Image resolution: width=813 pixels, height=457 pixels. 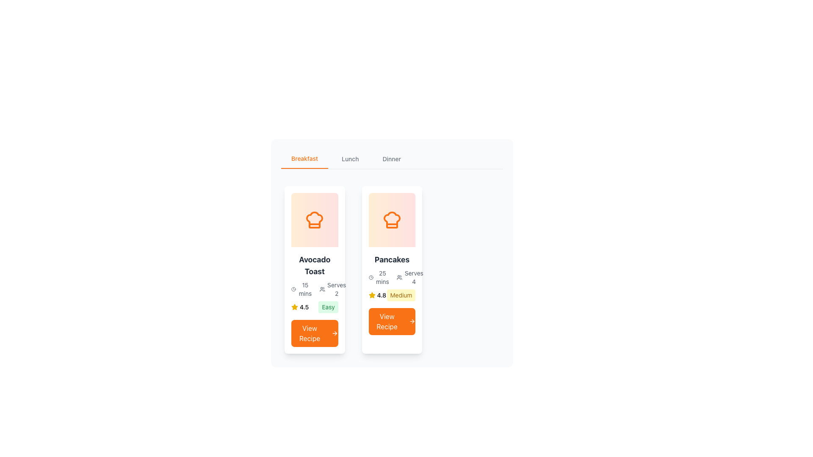 I want to click on the rating and difficulty information displayed for the recipe 'Avocado Toast', which includes a star icon indicating a rating of '4.5' and the label 'Easy' for difficulty level, so click(x=314, y=307).